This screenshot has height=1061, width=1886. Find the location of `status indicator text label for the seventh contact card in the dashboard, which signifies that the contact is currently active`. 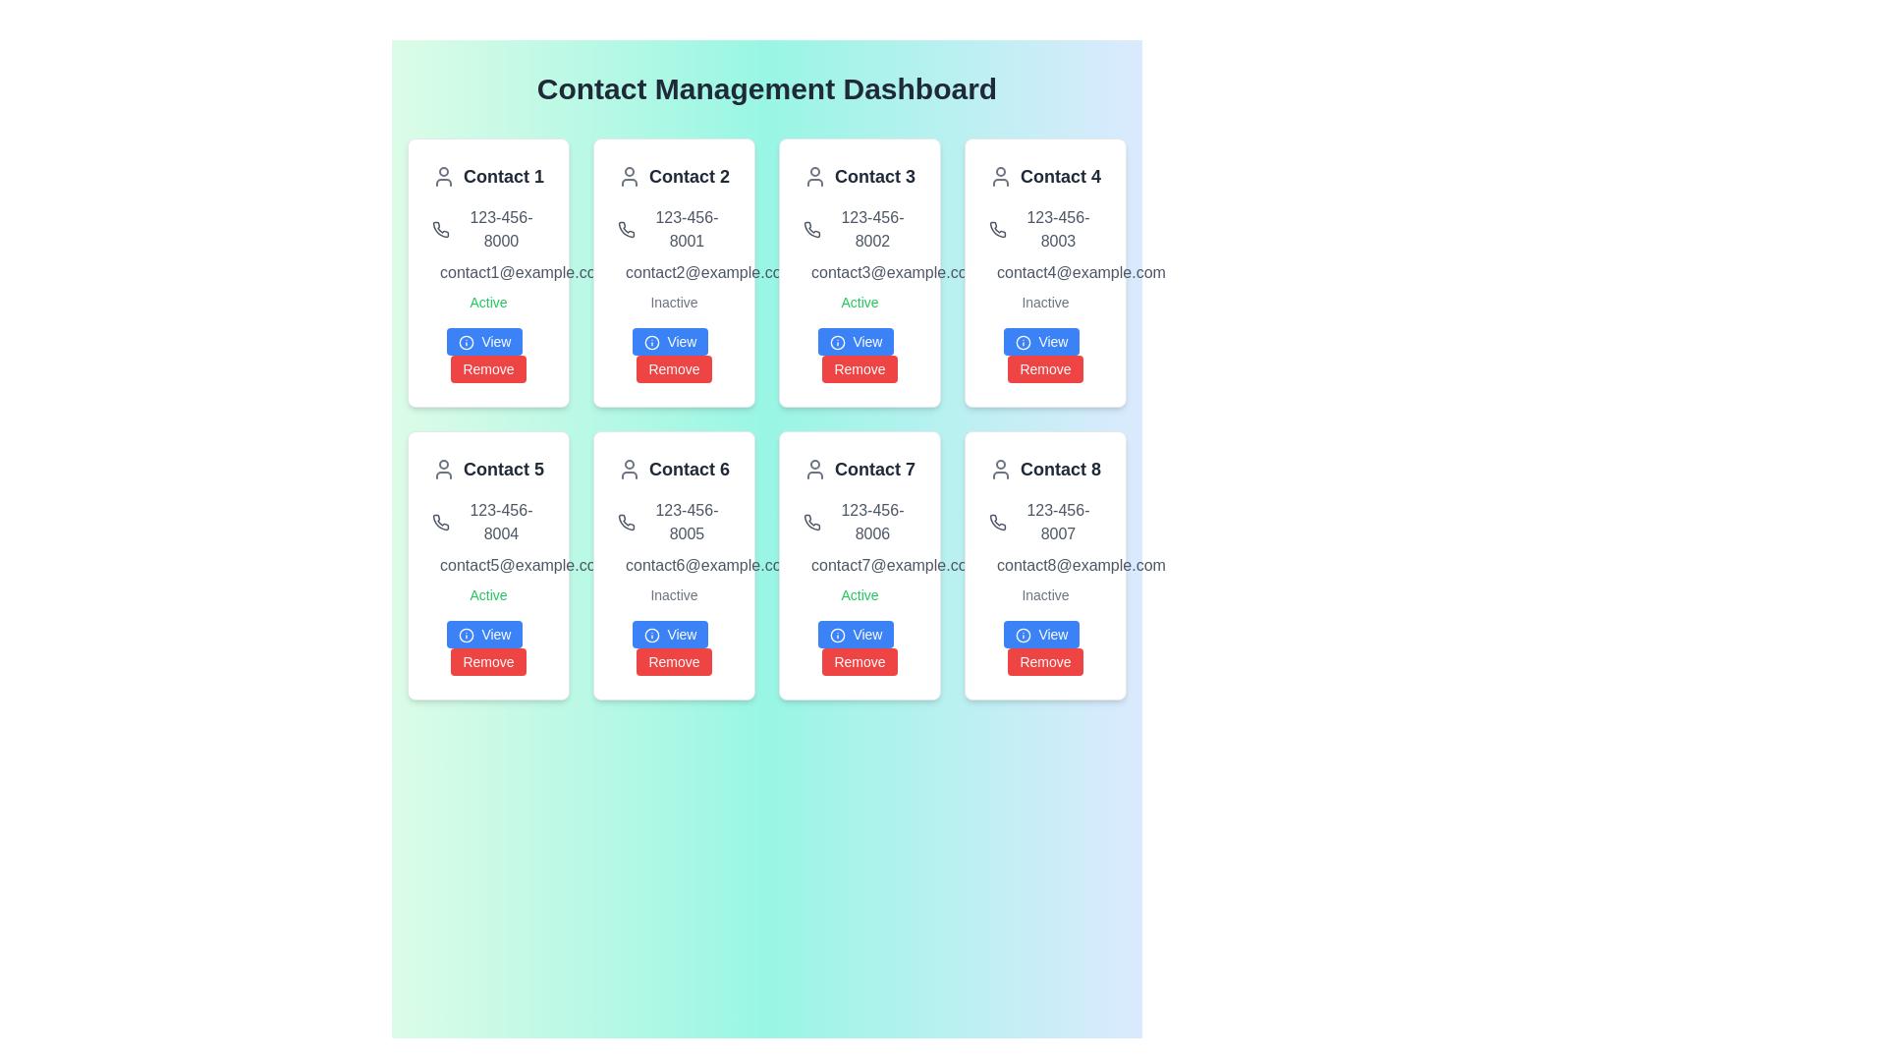

status indicator text label for the seventh contact card in the dashboard, which signifies that the contact is currently active is located at coordinates (860, 593).